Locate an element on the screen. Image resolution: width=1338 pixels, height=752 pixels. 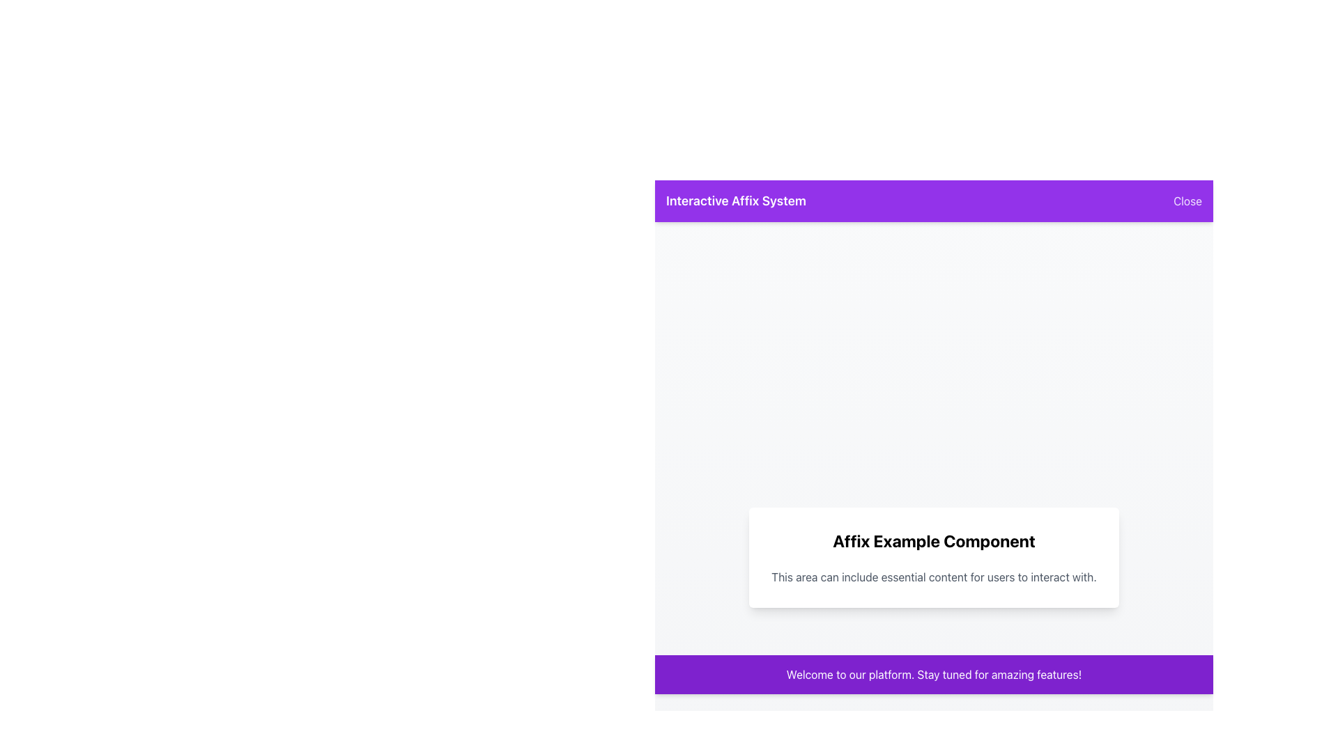
the Text Label located in the top header section of the interface, positioned towards the left side, adjacent to the 'Close' button is located at coordinates (735, 201).